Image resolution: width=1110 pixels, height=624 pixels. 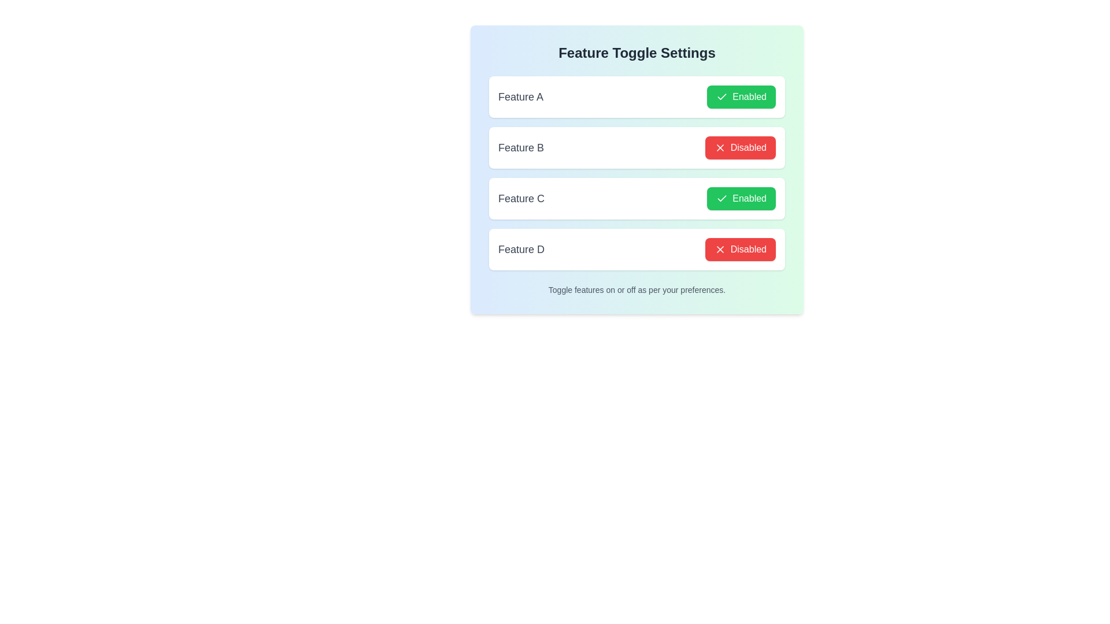 I want to click on the cross icon within the red 'Disabled' button located in the row for 'Feature D', so click(x=719, y=249).